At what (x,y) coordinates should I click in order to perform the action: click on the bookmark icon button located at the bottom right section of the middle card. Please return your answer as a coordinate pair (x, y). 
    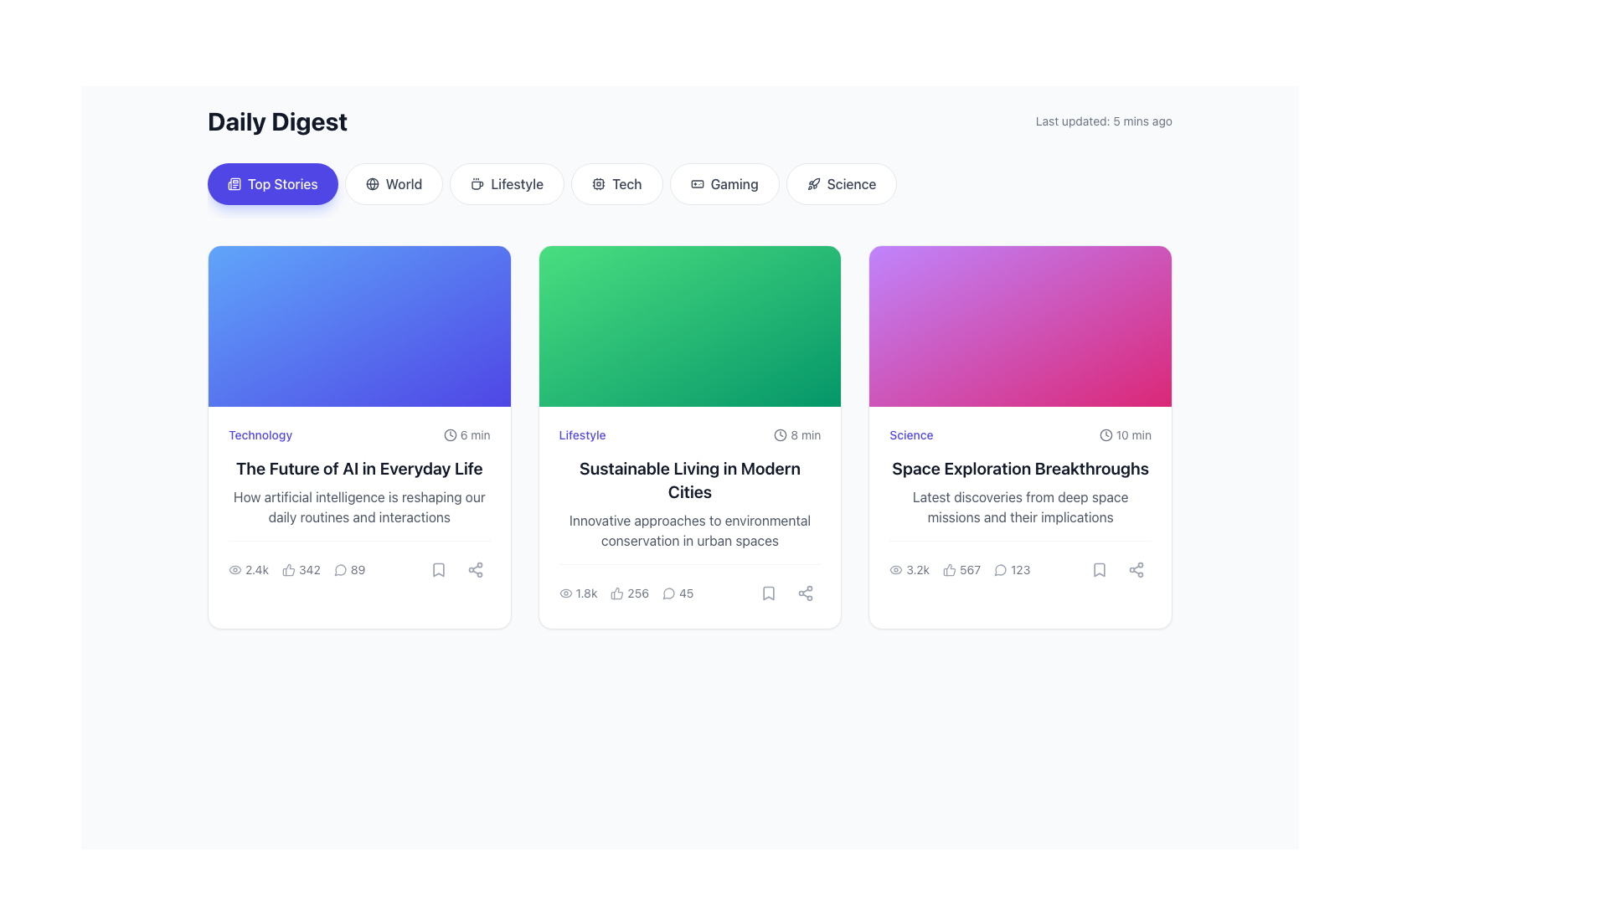
    Looking at the image, I should click on (768, 593).